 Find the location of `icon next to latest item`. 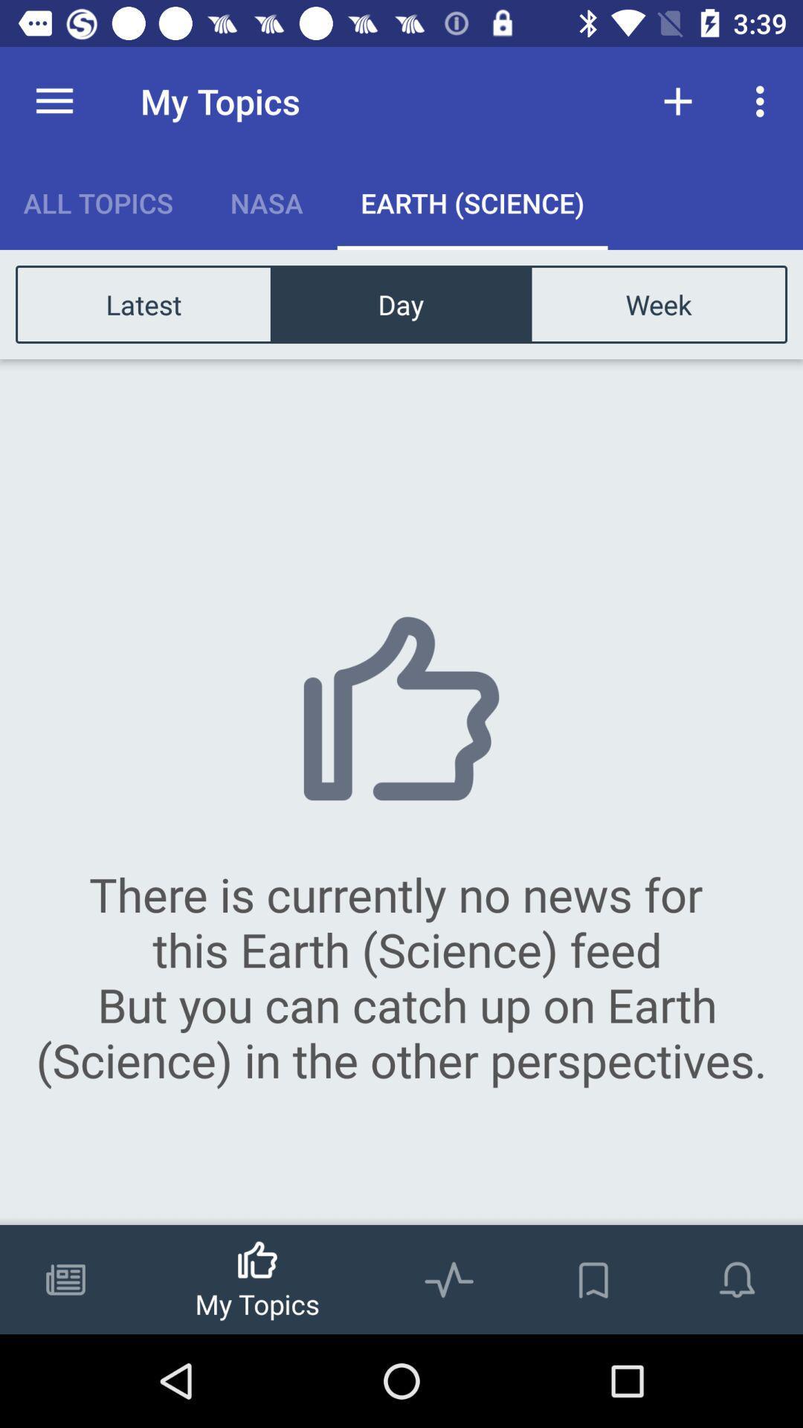

icon next to latest item is located at coordinates (400, 303).